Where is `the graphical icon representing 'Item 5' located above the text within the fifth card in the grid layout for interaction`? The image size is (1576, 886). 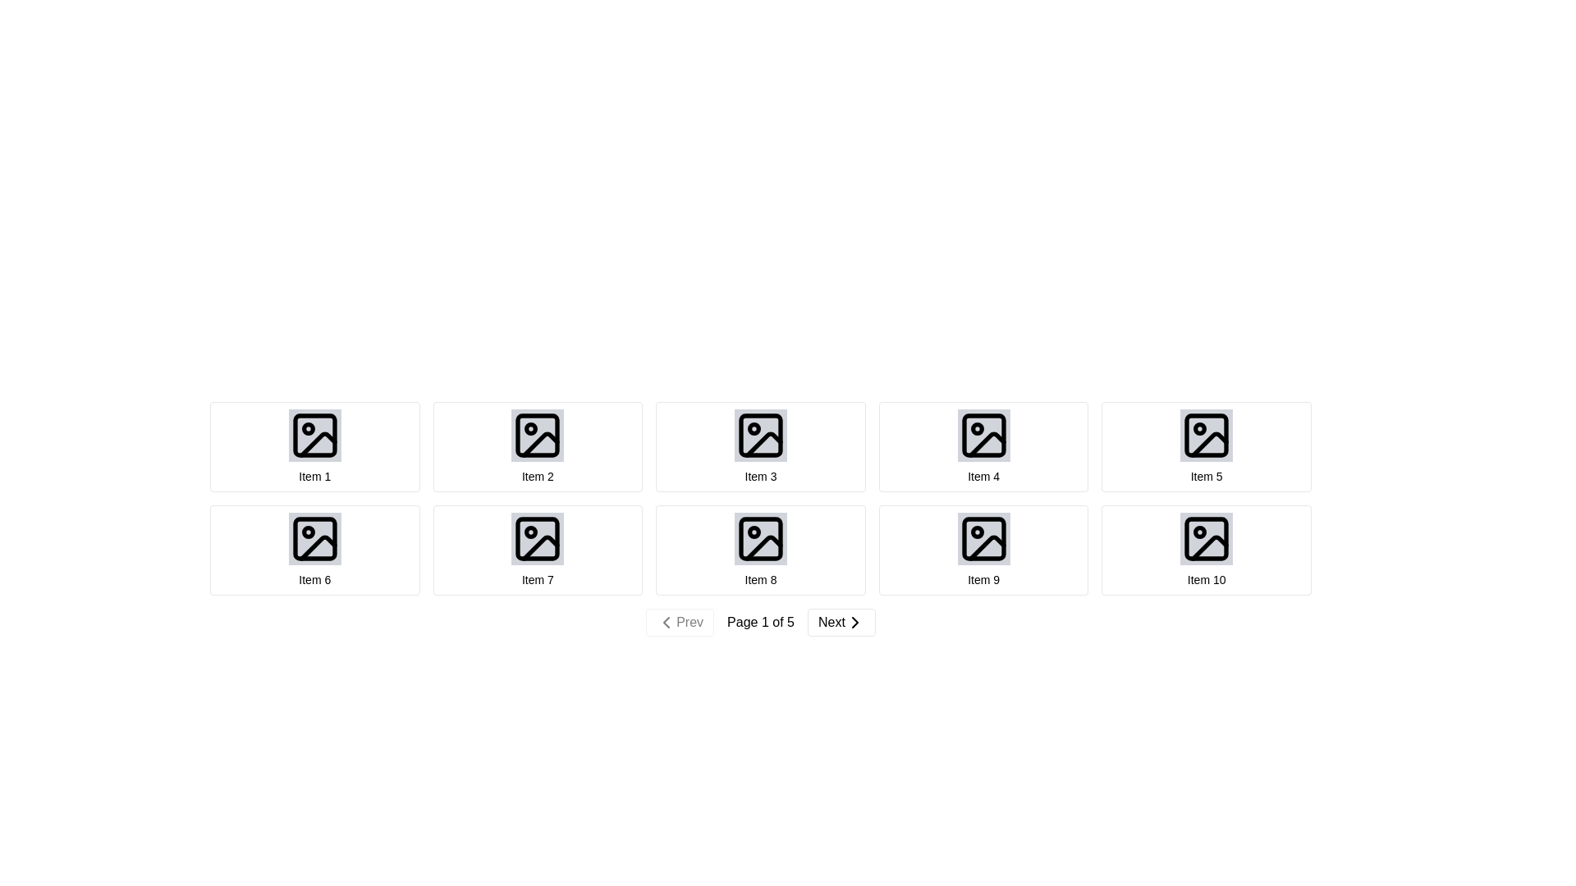
the graphical icon representing 'Item 5' located above the text within the fifth card in the grid layout for interaction is located at coordinates (1207, 435).